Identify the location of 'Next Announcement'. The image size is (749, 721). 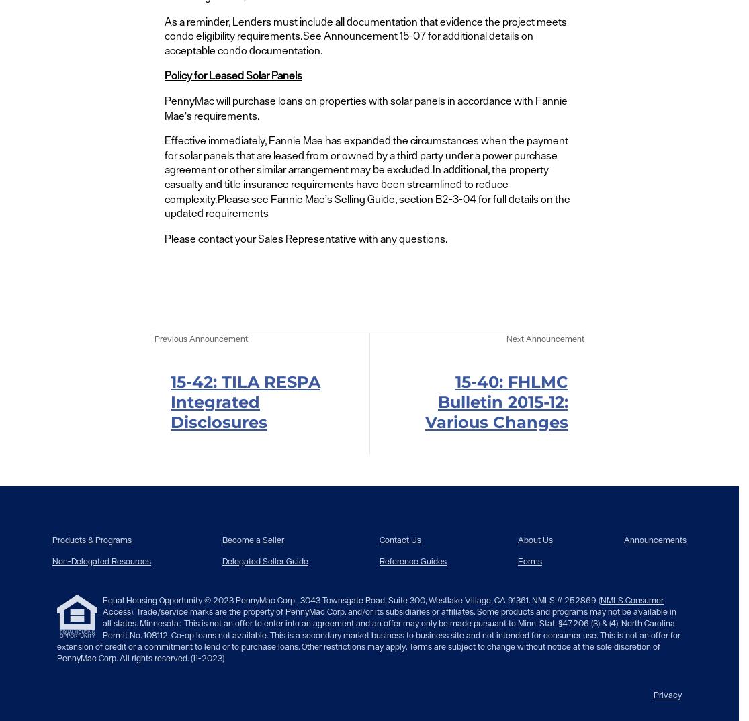
(505, 338).